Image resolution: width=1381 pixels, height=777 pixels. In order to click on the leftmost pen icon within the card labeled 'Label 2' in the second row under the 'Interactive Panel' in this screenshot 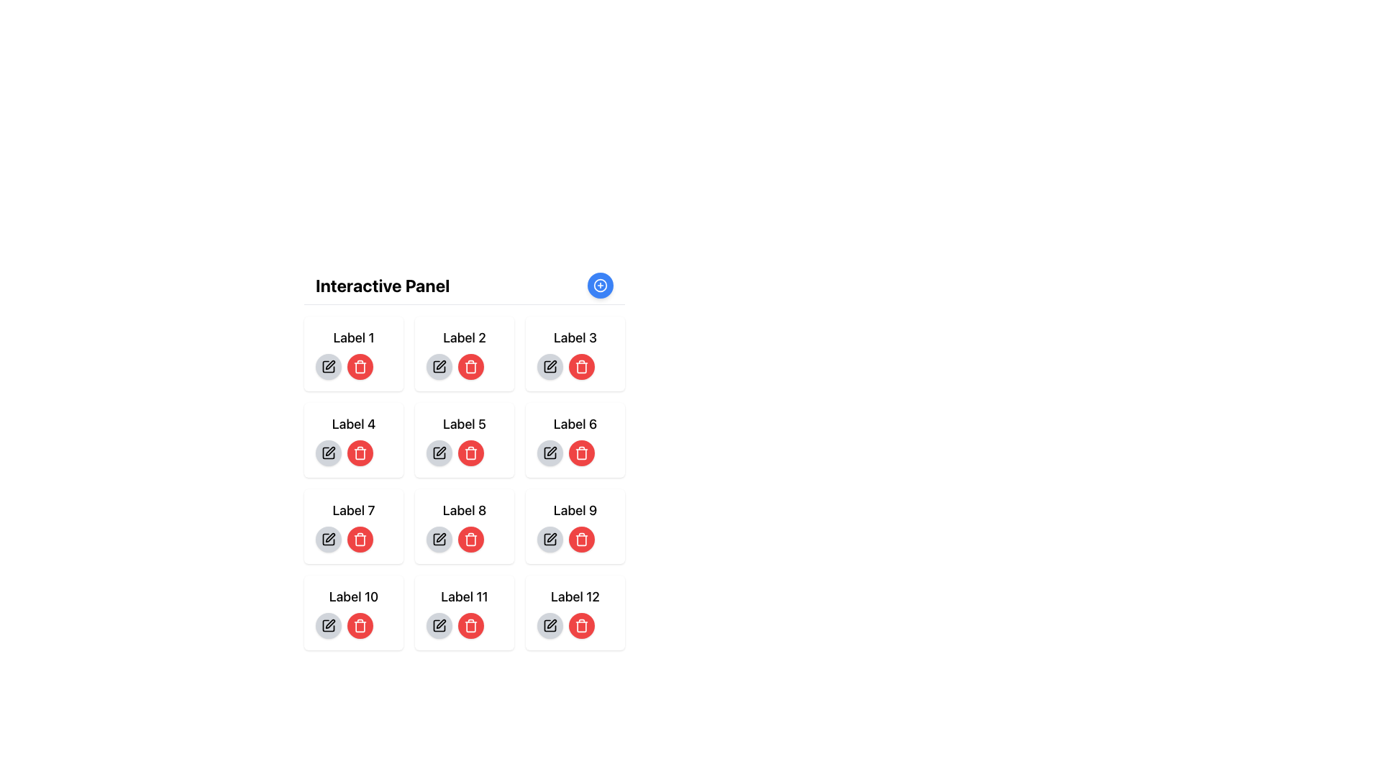, I will do `click(440, 364)`.